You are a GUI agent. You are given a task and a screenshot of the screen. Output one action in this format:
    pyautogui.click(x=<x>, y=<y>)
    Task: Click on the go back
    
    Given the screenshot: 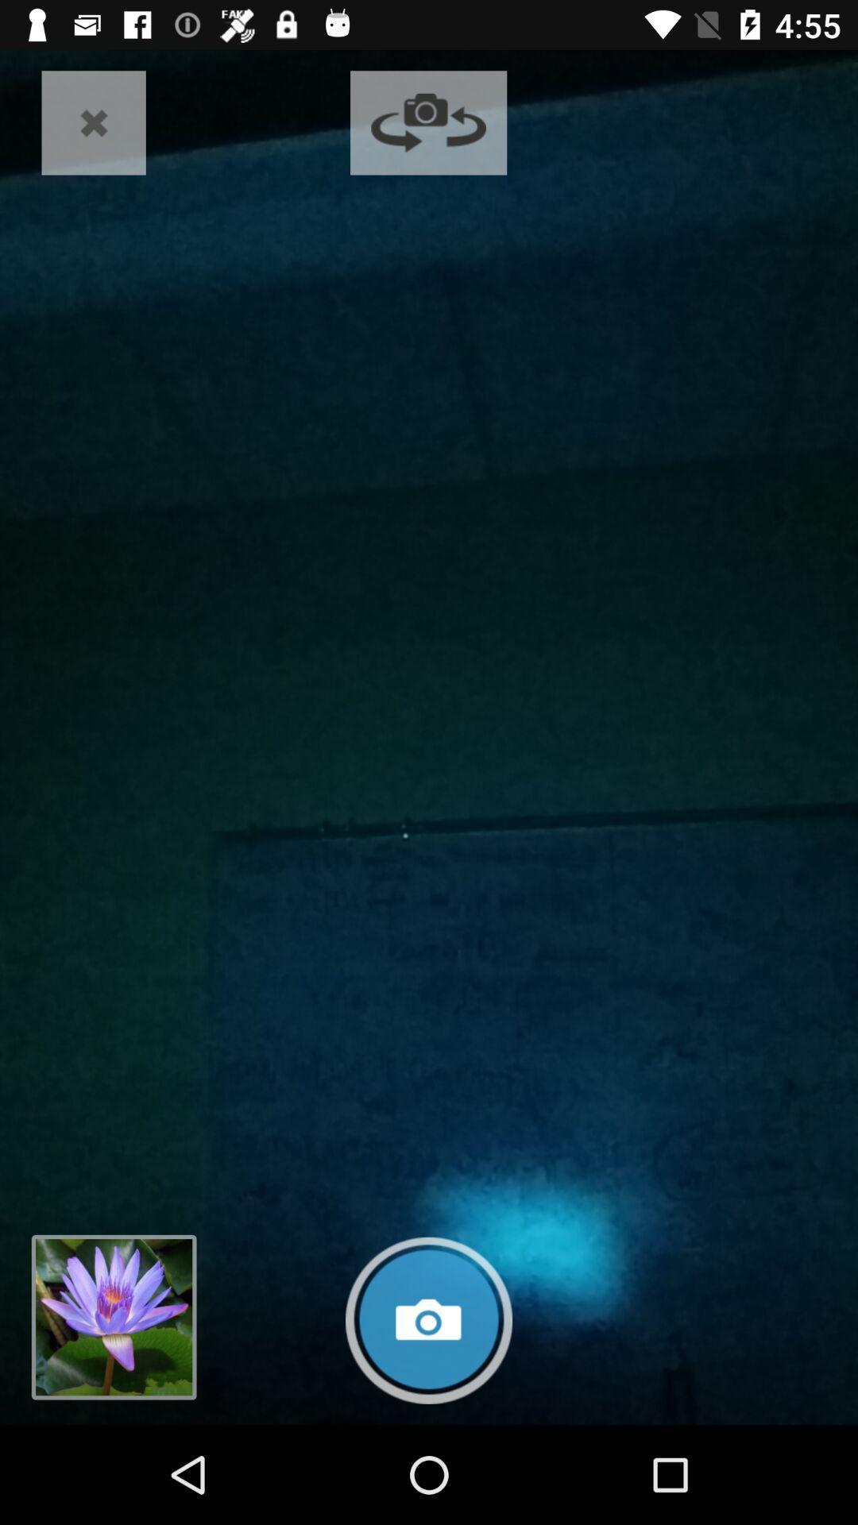 What is the action you would take?
    pyautogui.click(x=113, y=1317)
    